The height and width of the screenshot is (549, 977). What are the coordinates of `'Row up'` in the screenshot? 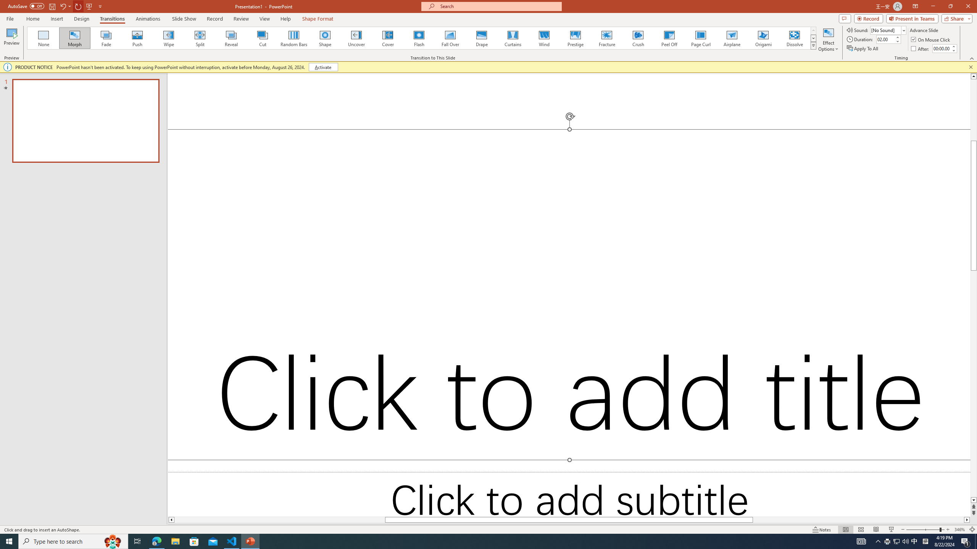 It's located at (813, 30).